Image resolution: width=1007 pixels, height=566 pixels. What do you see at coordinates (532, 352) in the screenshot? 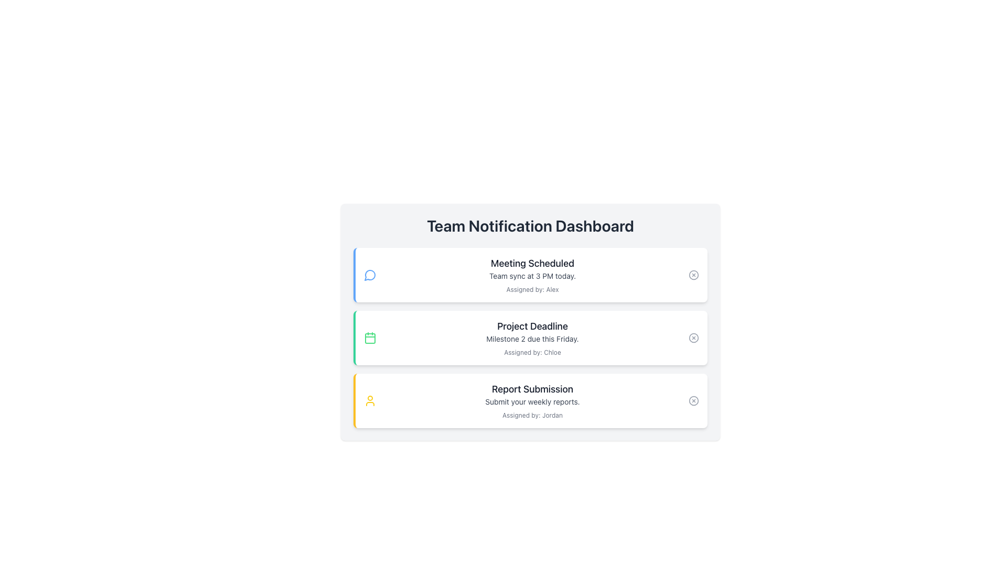
I see `the text snippet 'Assigned by: Chloe' which is styled with a small, gray font and located in the central notification card labeled 'Project Deadline'` at bounding box center [532, 352].